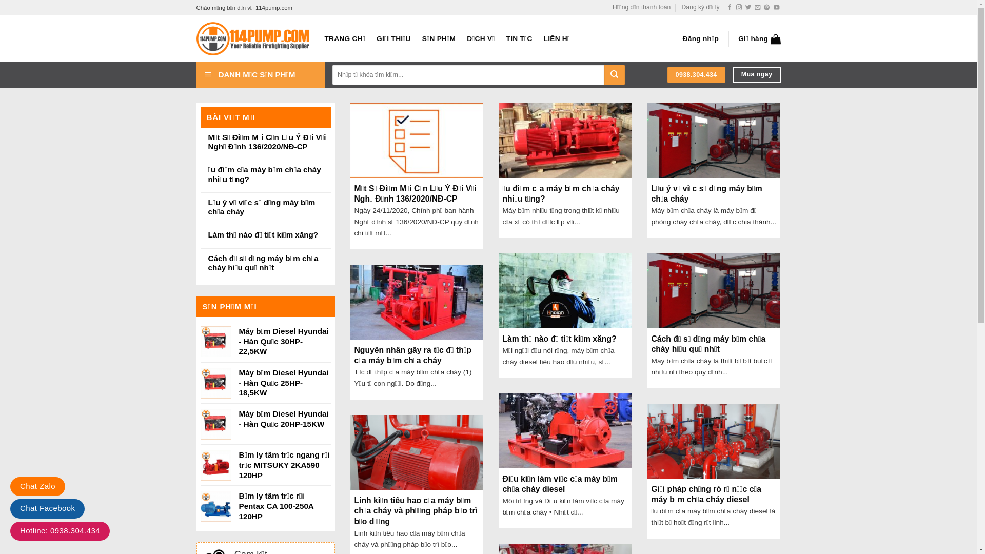 Image resolution: width=985 pixels, height=554 pixels. I want to click on 'Skip to content', so click(0, 0).